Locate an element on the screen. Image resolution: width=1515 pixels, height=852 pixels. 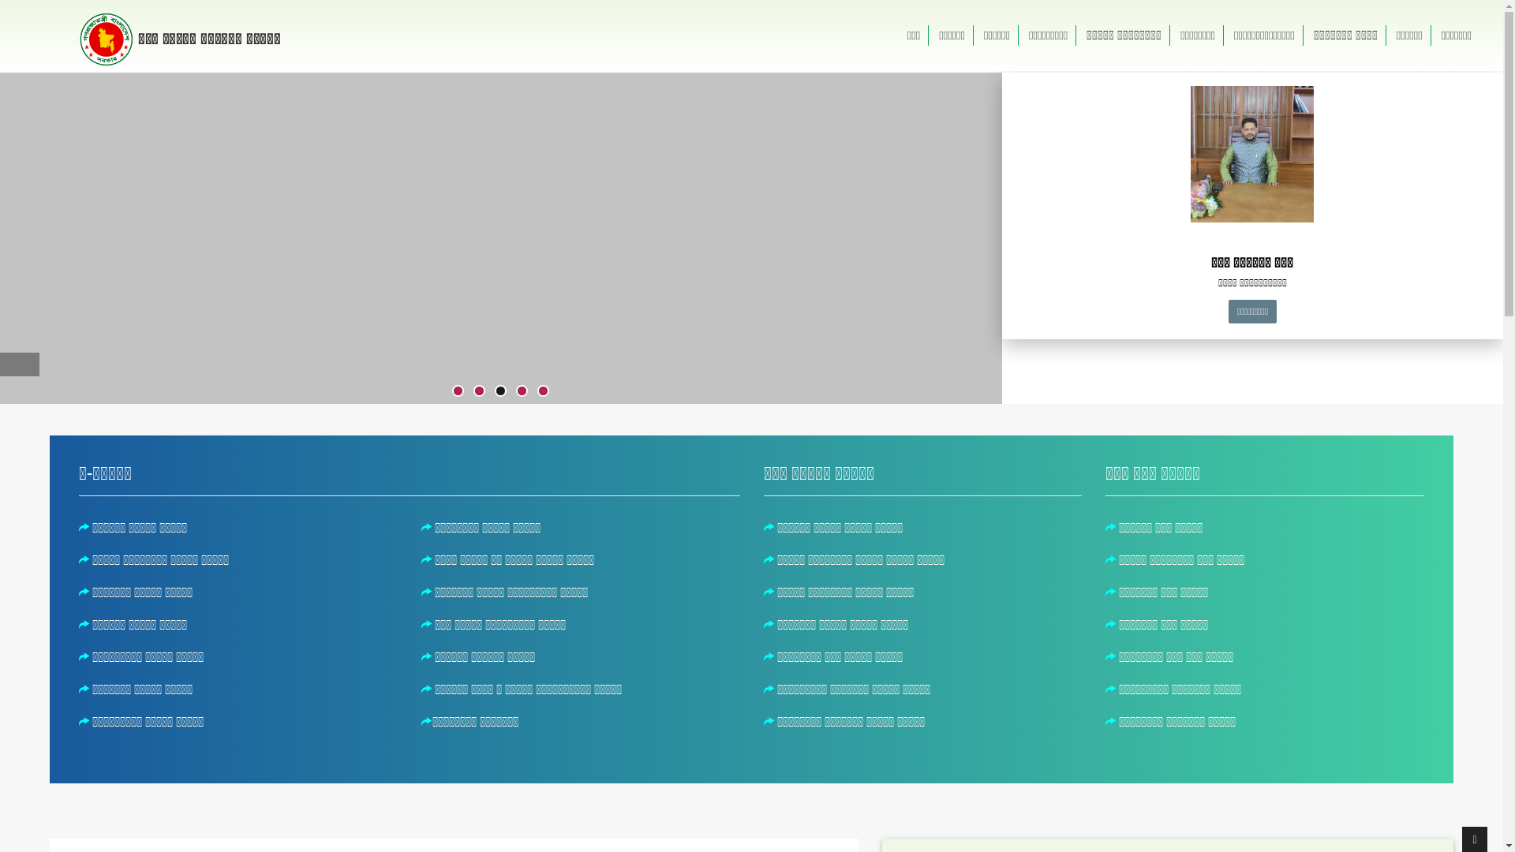
'2' is located at coordinates (478, 390).